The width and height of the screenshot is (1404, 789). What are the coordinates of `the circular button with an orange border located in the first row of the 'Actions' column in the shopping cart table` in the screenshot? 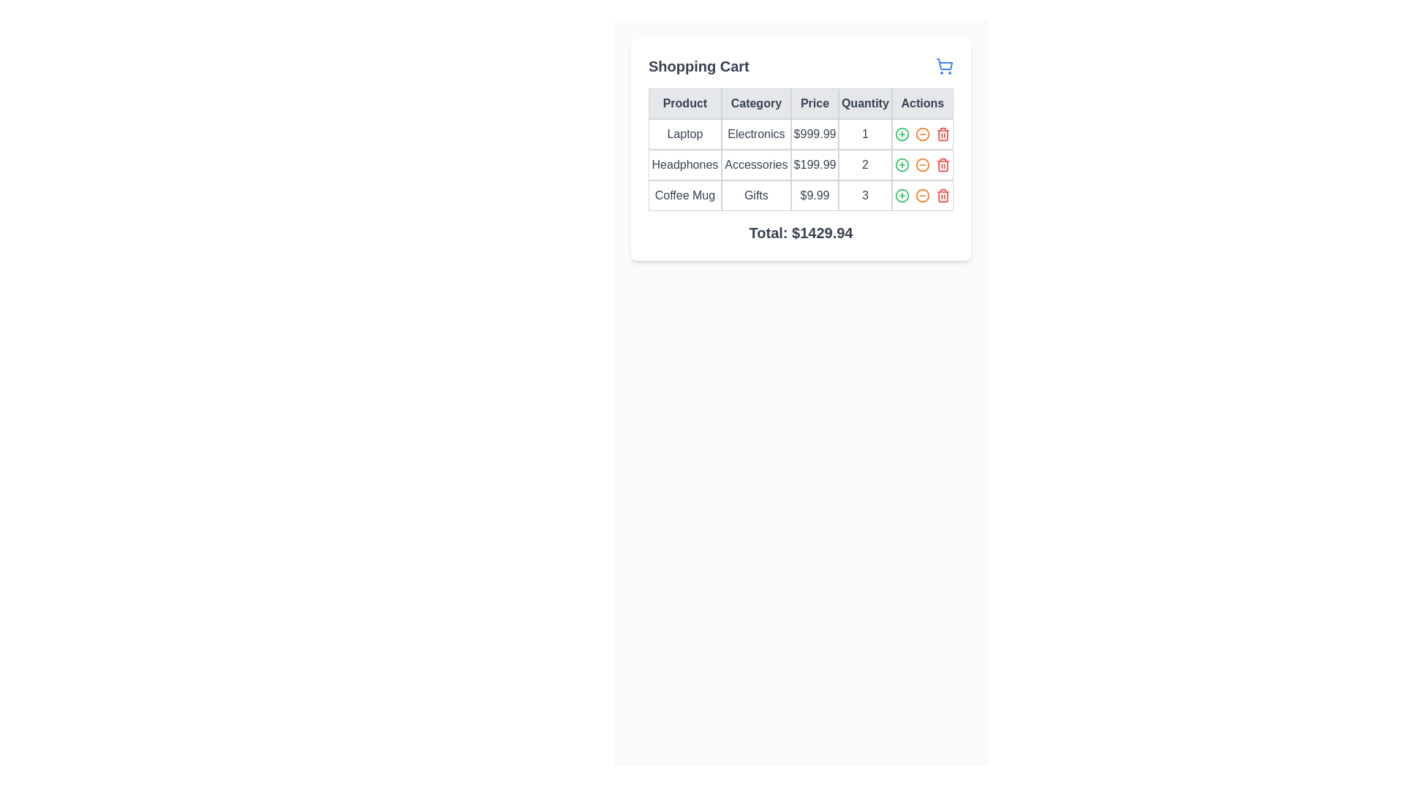 It's located at (921, 134).